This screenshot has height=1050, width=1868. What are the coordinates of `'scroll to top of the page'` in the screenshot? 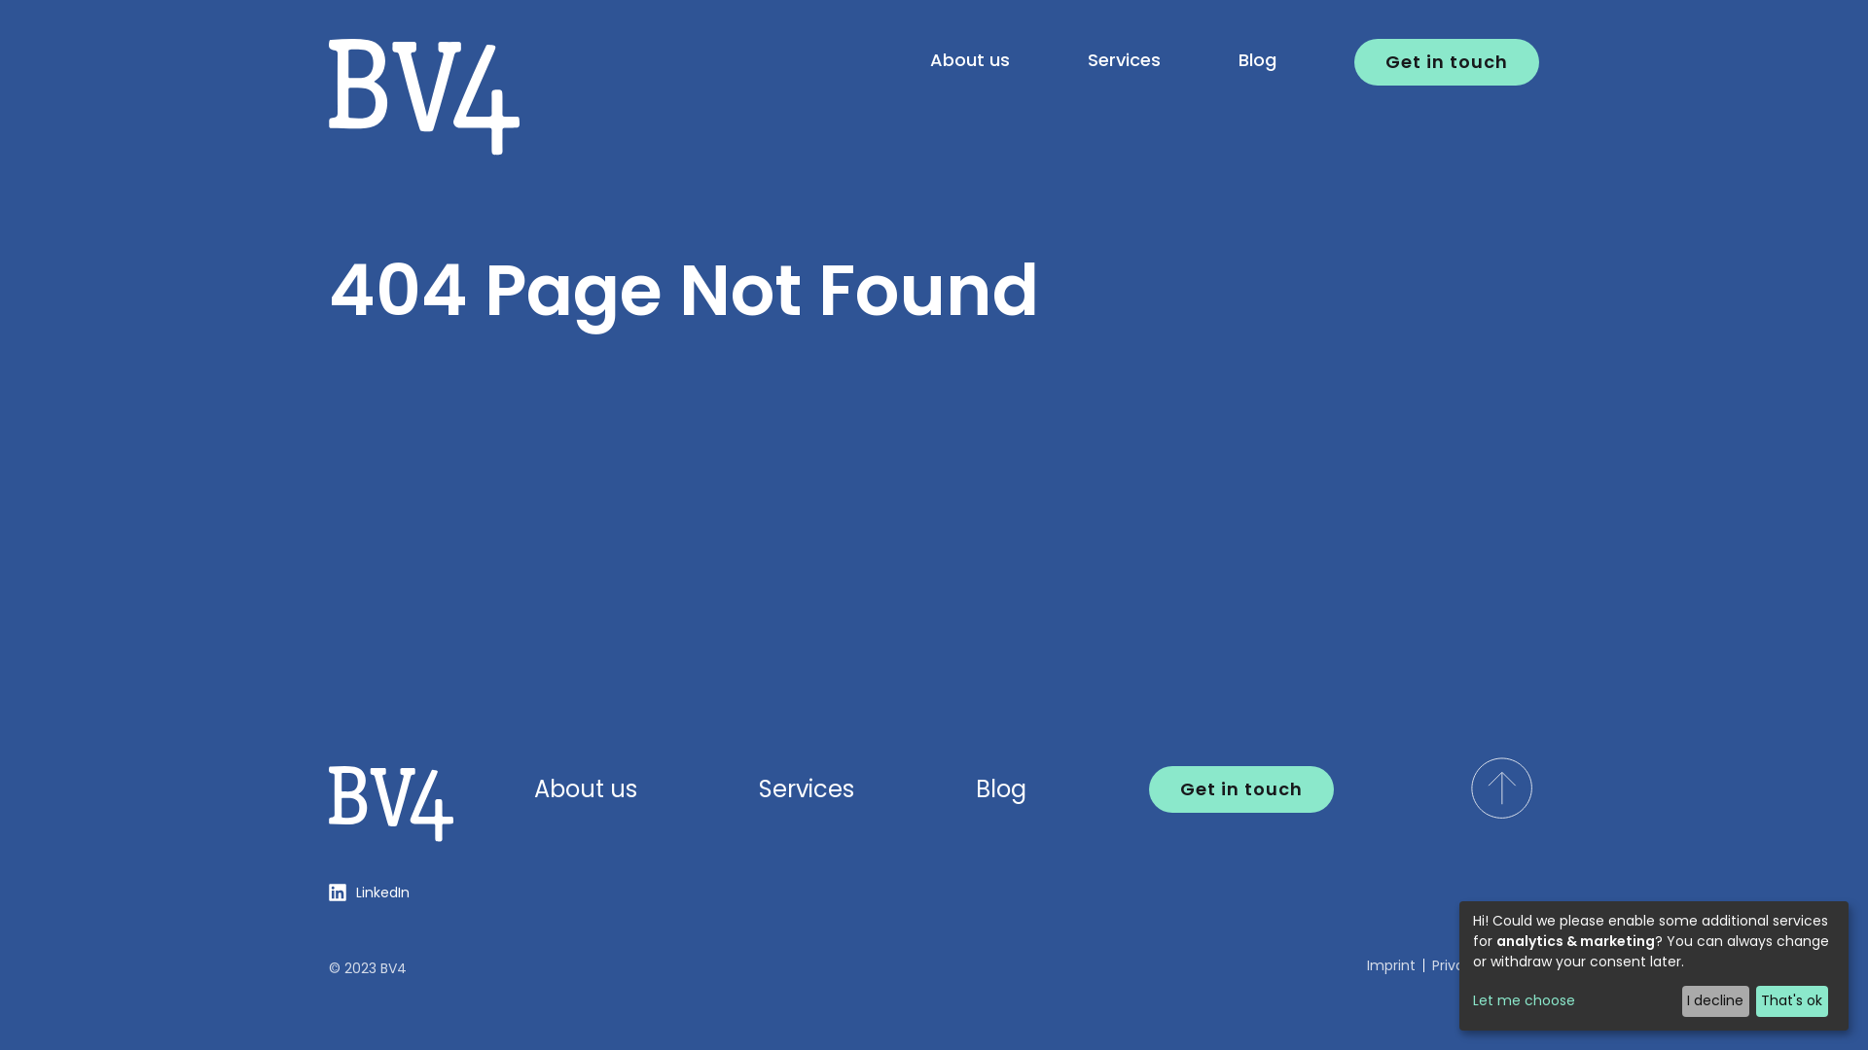 It's located at (1500, 787).